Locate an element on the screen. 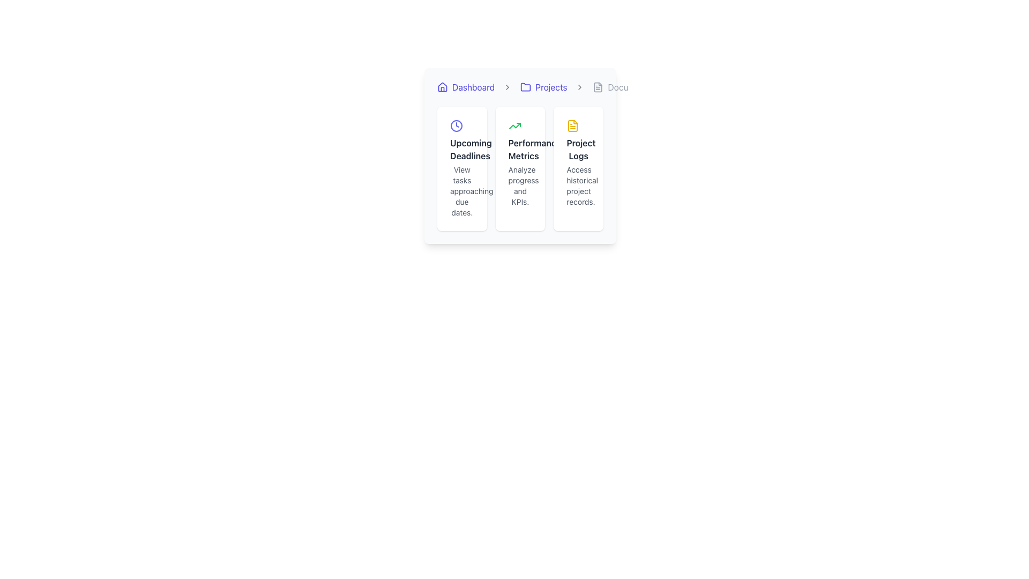 Image resolution: width=1029 pixels, height=579 pixels. the text element 'Upcoming Deadlines', which is styled in bold and dark gray, located centrally within the leftmost panel of a three-panel layout is located at coordinates (462, 149).